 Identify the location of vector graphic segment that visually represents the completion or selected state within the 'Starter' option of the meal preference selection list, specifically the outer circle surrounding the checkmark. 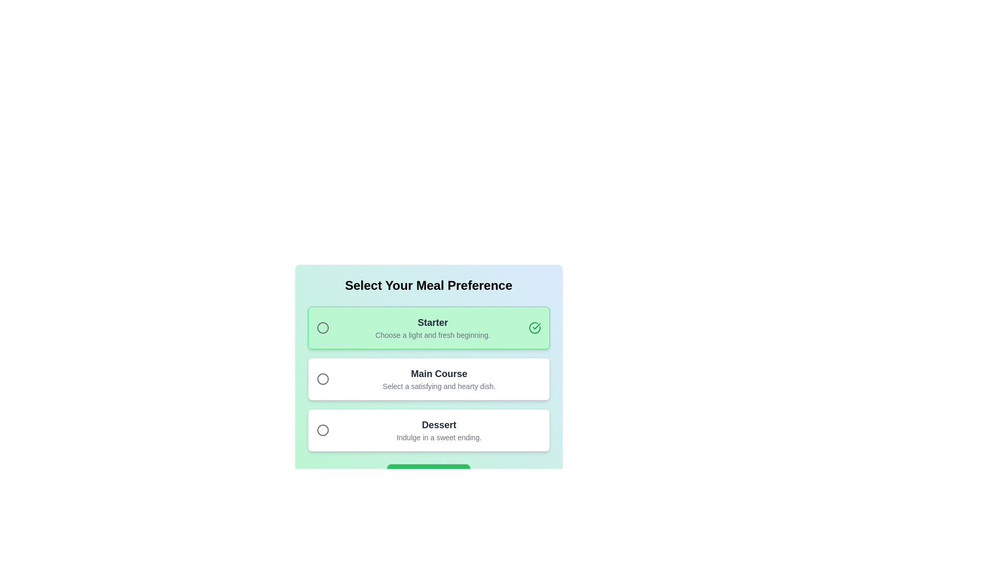
(534, 327).